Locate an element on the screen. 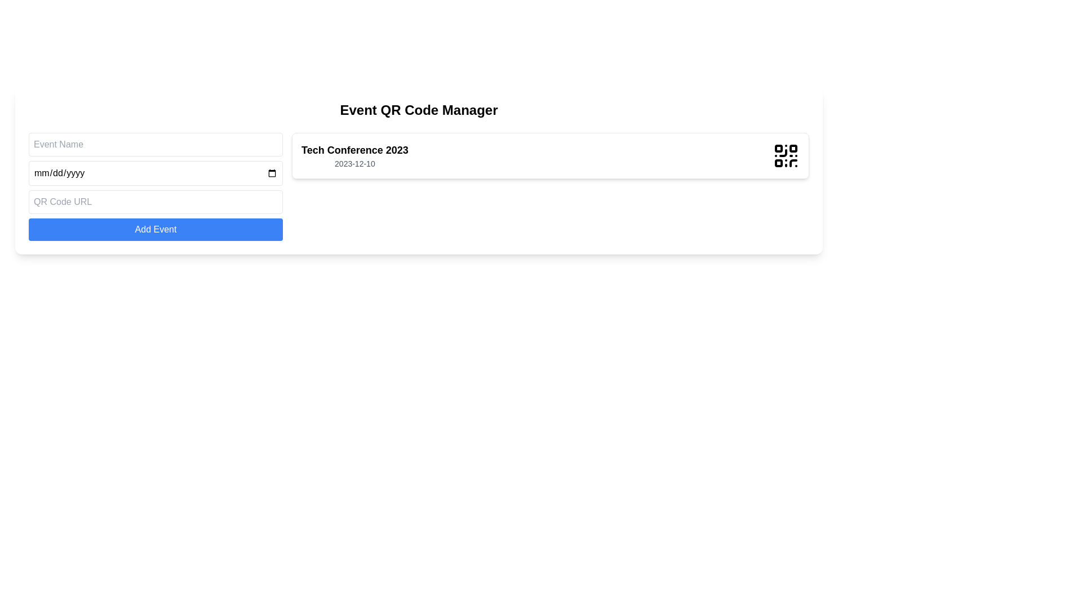 This screenshot has height=608, width=1082. the submit button located beneath the 'QR Code URL' input field is located at coordinates (155, 229).